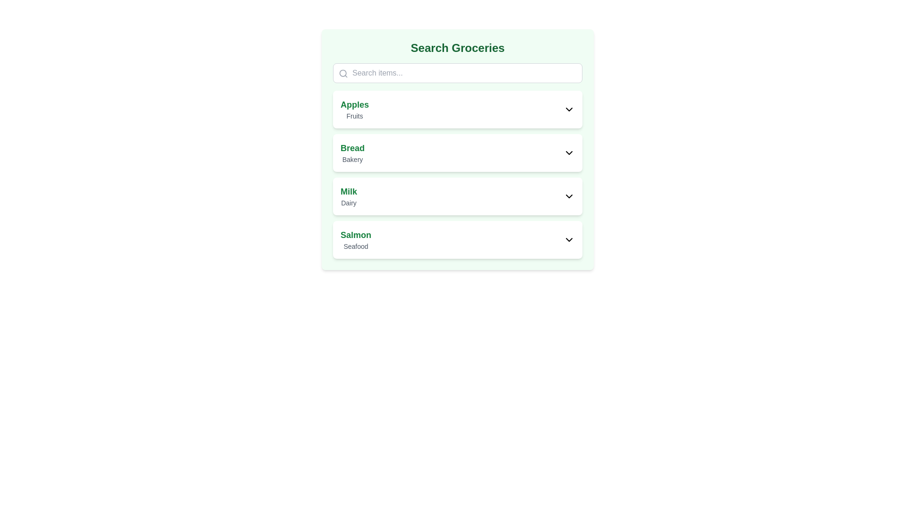 The image size is (907, 510). What do you see at coordinates (348, 196) in the screenshot?
I see `the 'Milk' text label with a green font and the 'Dairy' text label below it, which is positioned between 'Bread' and 'Salmon' in the list` at bounding box center [348, 196].